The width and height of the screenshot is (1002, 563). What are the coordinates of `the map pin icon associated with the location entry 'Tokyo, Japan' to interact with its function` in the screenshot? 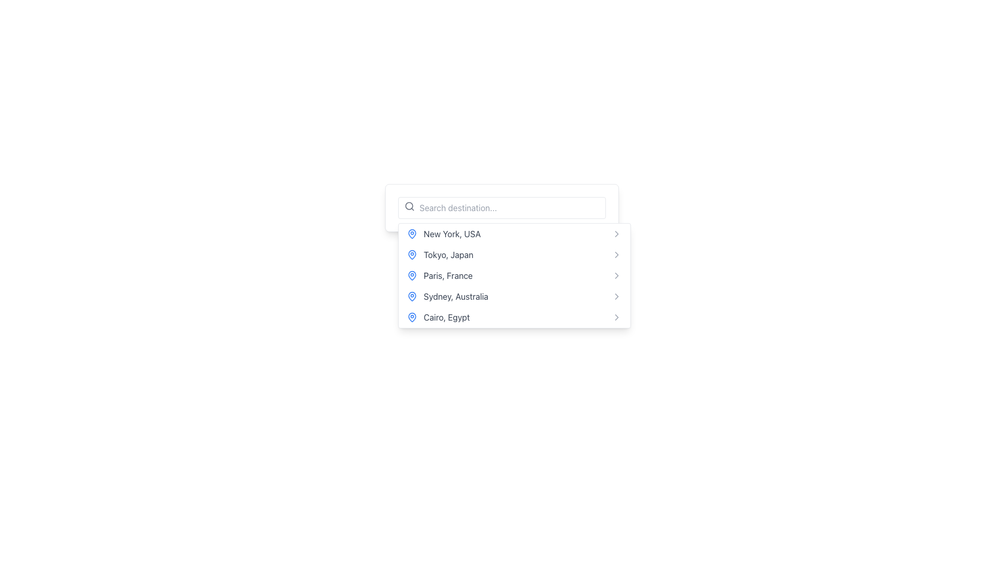 It's located at (412, 254).